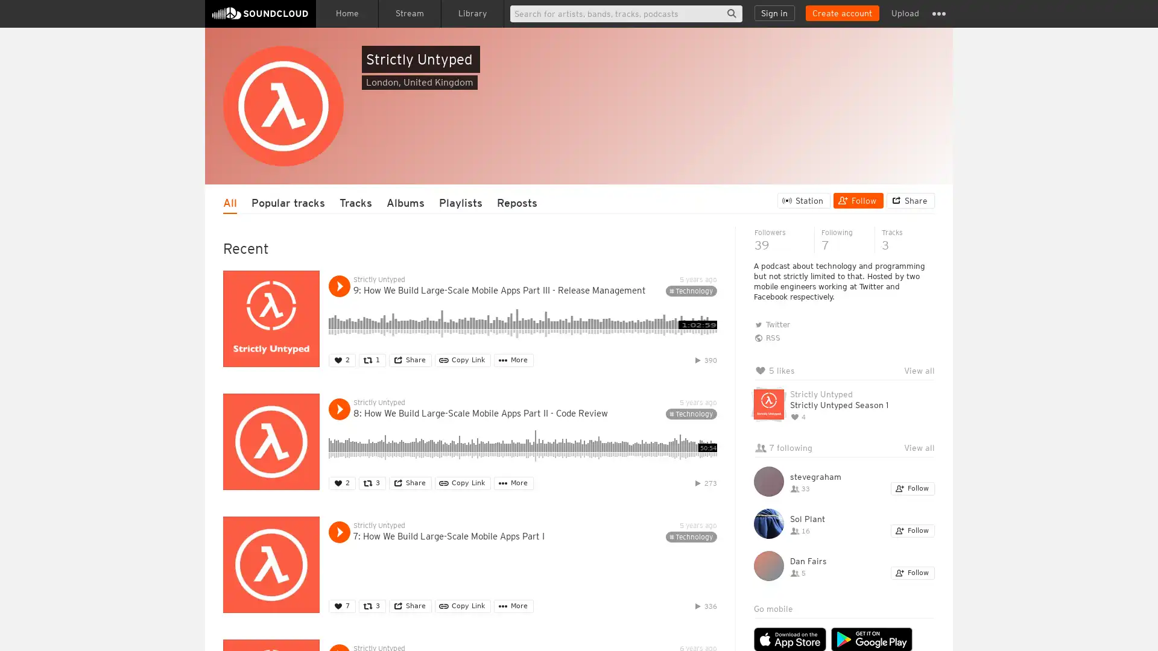 This screenshot has height=651, width=1158. I want to click on Search, so click(731, 13).